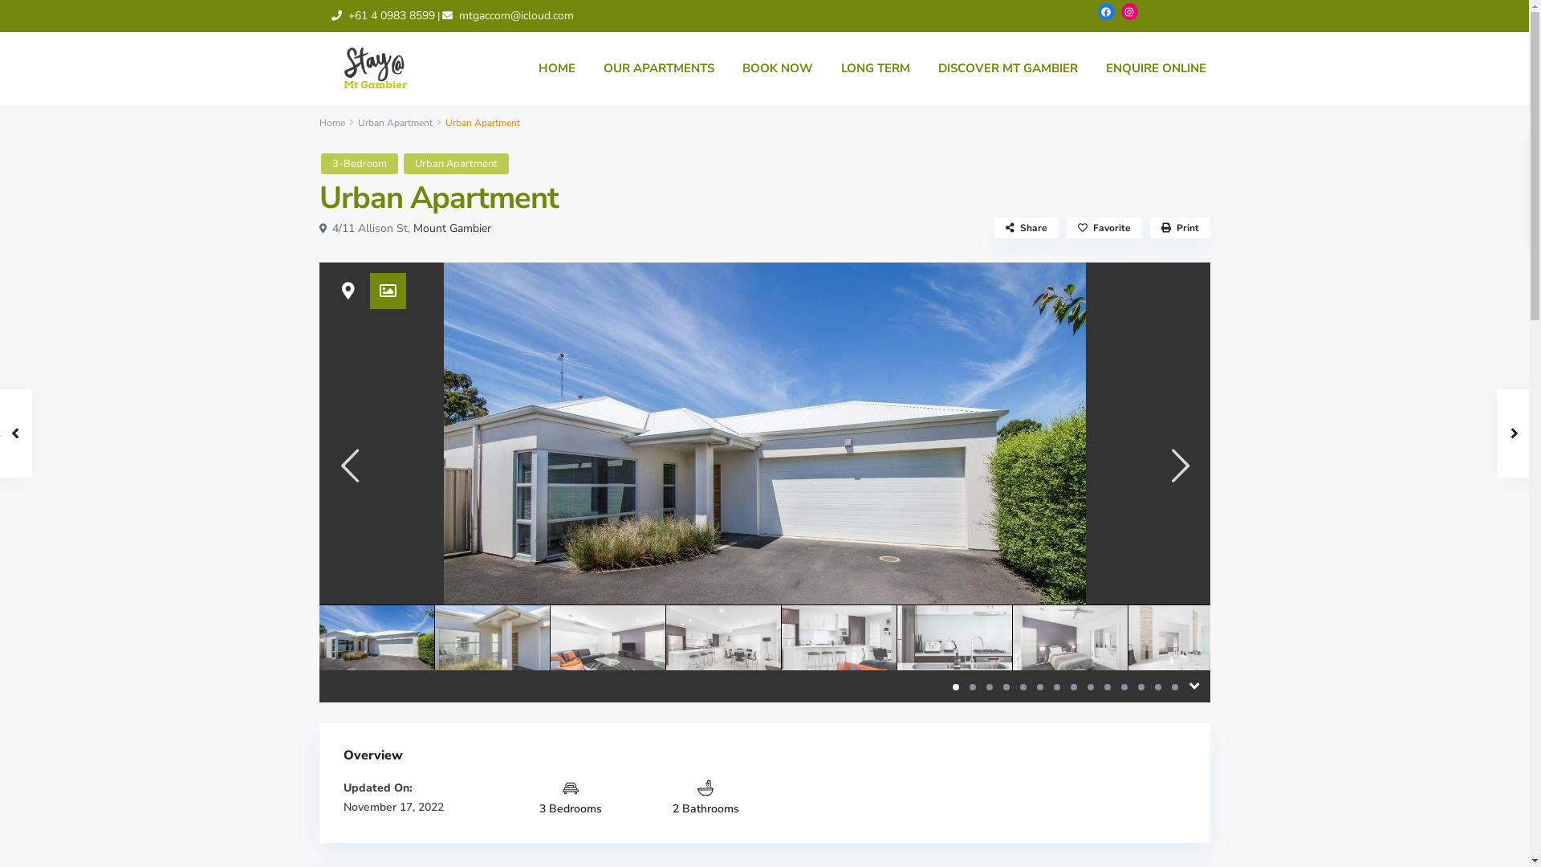  What do you see at coordinates (1007, 67) in the screenshot?
I see `'DISCOVER MT GAMBIER'` at bounding box center [1007, 67].